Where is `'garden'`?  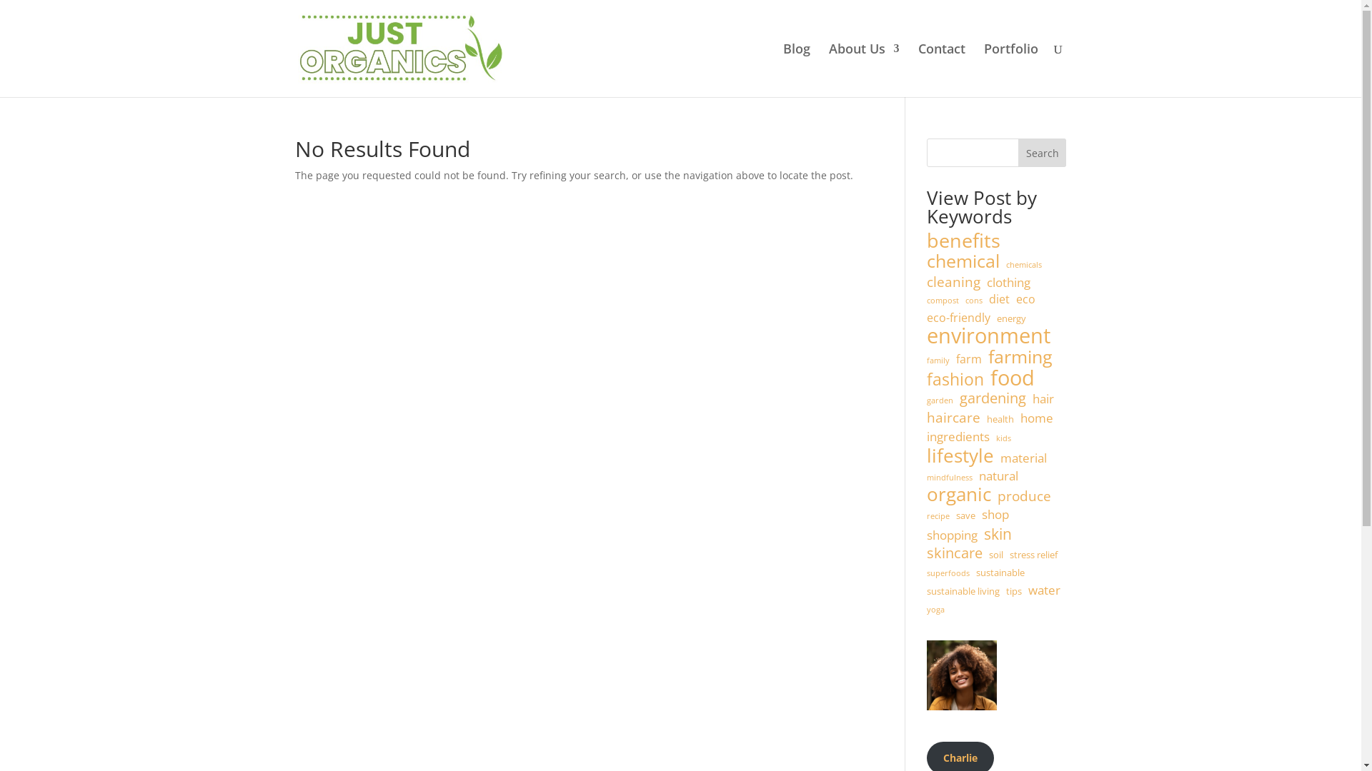
'garden' is located at coordinates (926, 401).